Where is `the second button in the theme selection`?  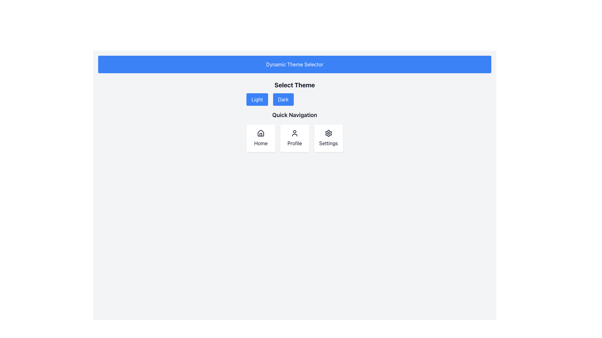
the second button in the theme selection is located at coordinates (283, 99).